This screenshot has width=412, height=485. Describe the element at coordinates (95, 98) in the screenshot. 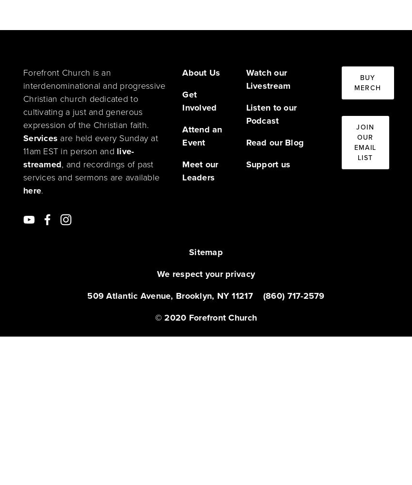

I see `'Forefront Church is an interdenominational and progressive Christian church dedicated to cultivating a just and generous expression of the Christian faith.'` at that location.